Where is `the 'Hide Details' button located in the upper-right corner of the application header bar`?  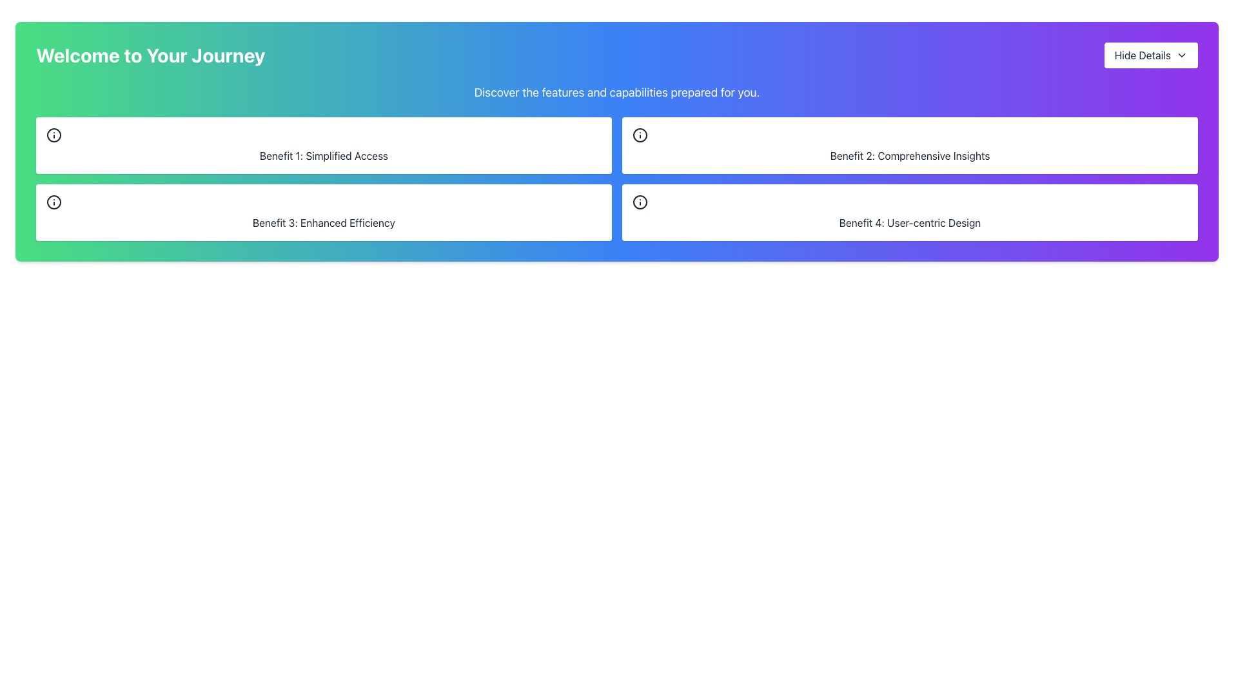 the 'Hide Details' button located in the upper-right corner of the application header bar is located at coordinates (1151, 54).